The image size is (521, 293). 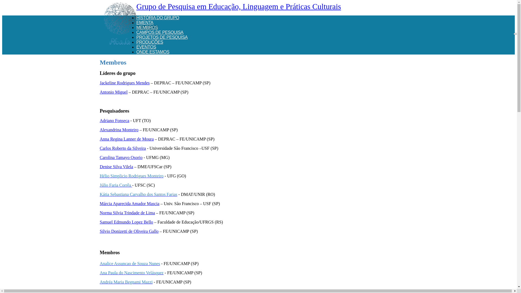 I want to click on 'Samuel Edmundo Lopez Bello', so click(x=126, y=222).